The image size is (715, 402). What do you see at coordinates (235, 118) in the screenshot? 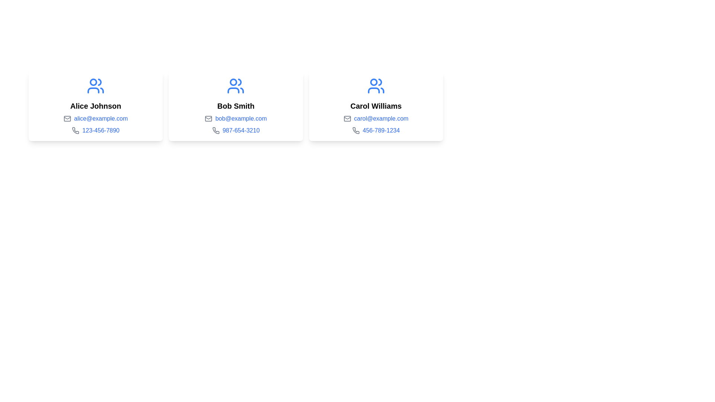
I see `the mailto hyperlink located in the second card, below 'Bob Smith' and above '987-654-3210'` at bounding box center [235, 118].